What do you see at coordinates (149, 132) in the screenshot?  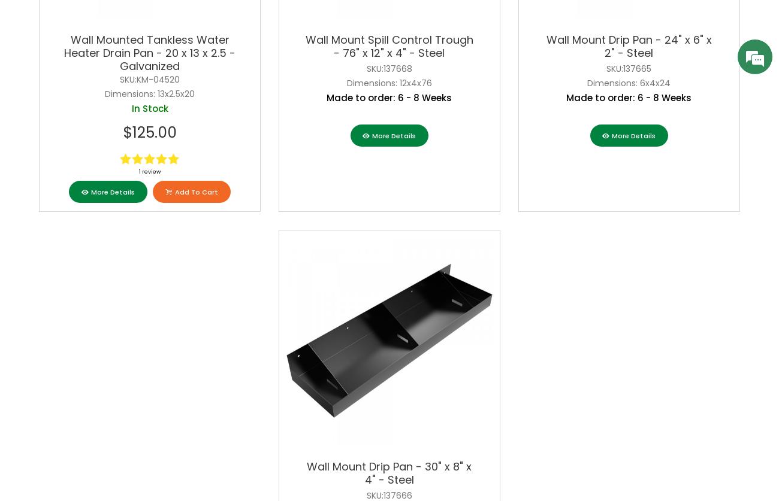 I see `'$125.00'` at bounding box center [149, 132].